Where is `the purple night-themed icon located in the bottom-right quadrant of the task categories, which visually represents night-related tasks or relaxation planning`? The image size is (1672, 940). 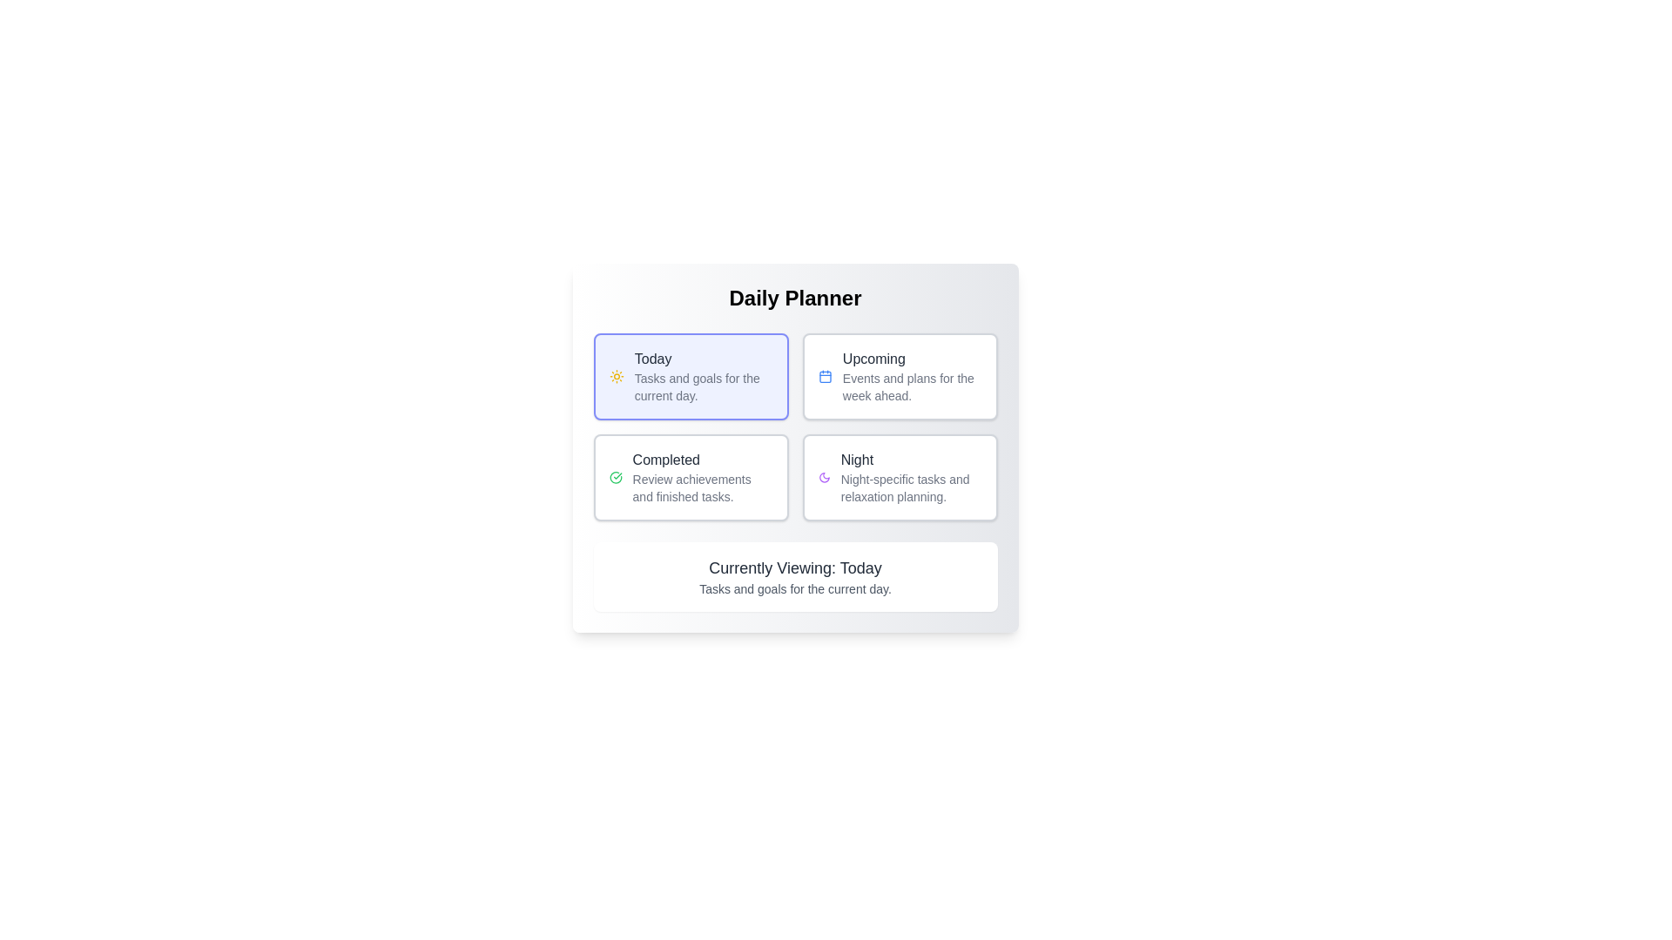 the purple night-themed icon located in the bottom-right quadrant of the task categories, which visually represents night-related tasks or relaxation planning is located at coordinates (823, 477).